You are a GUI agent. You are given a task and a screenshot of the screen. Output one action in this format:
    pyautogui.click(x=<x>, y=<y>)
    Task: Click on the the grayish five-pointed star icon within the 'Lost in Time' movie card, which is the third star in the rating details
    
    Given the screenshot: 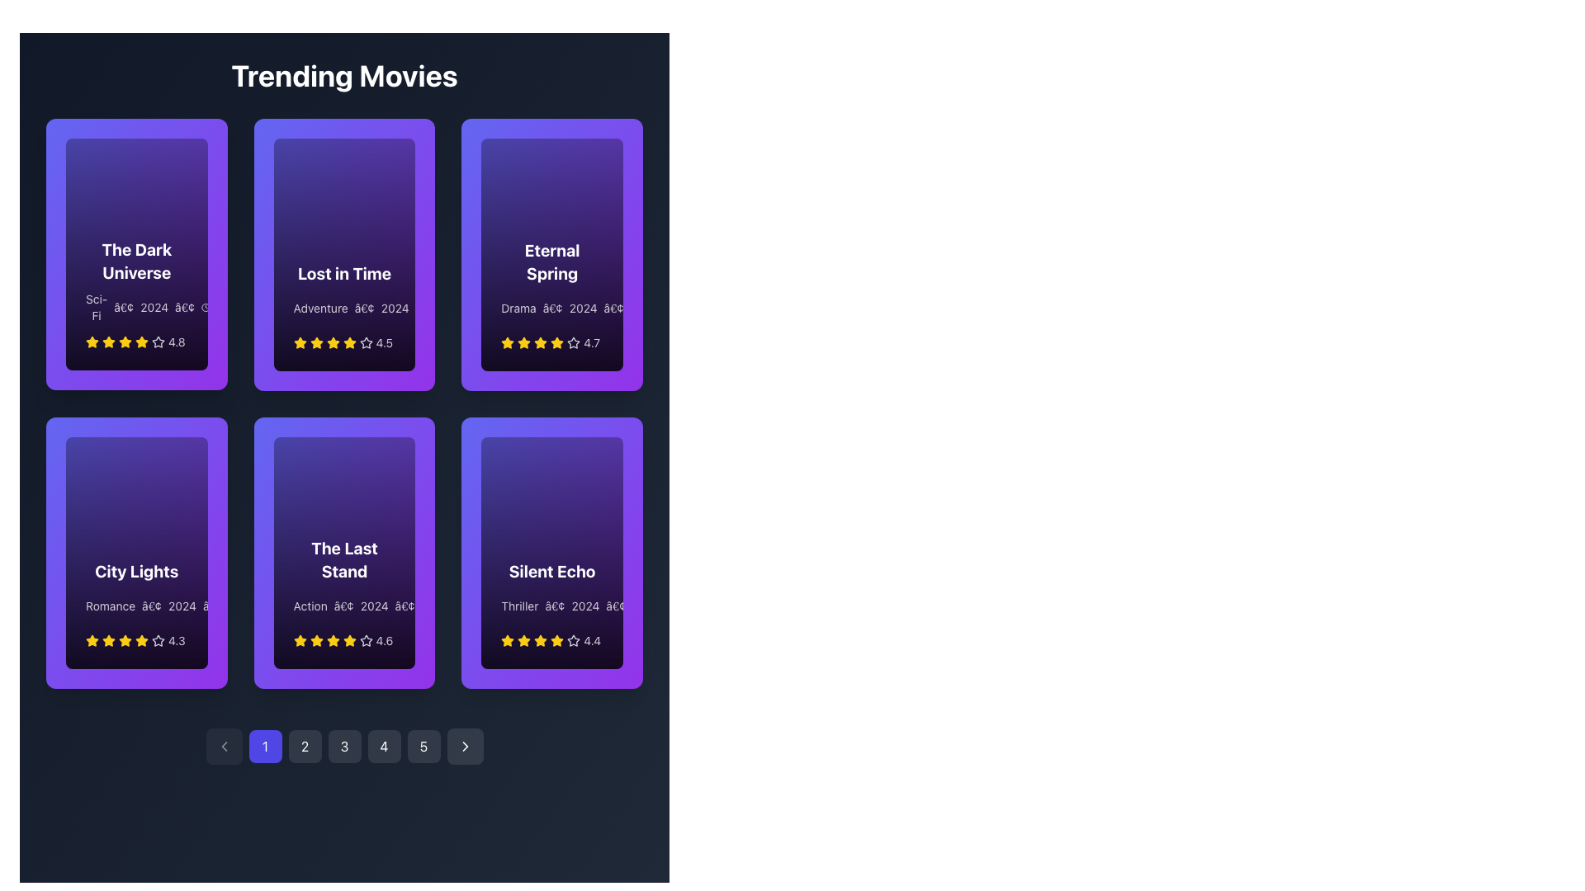 What is the action you would take?
    pyautogui.click(x=365, y=342)
    